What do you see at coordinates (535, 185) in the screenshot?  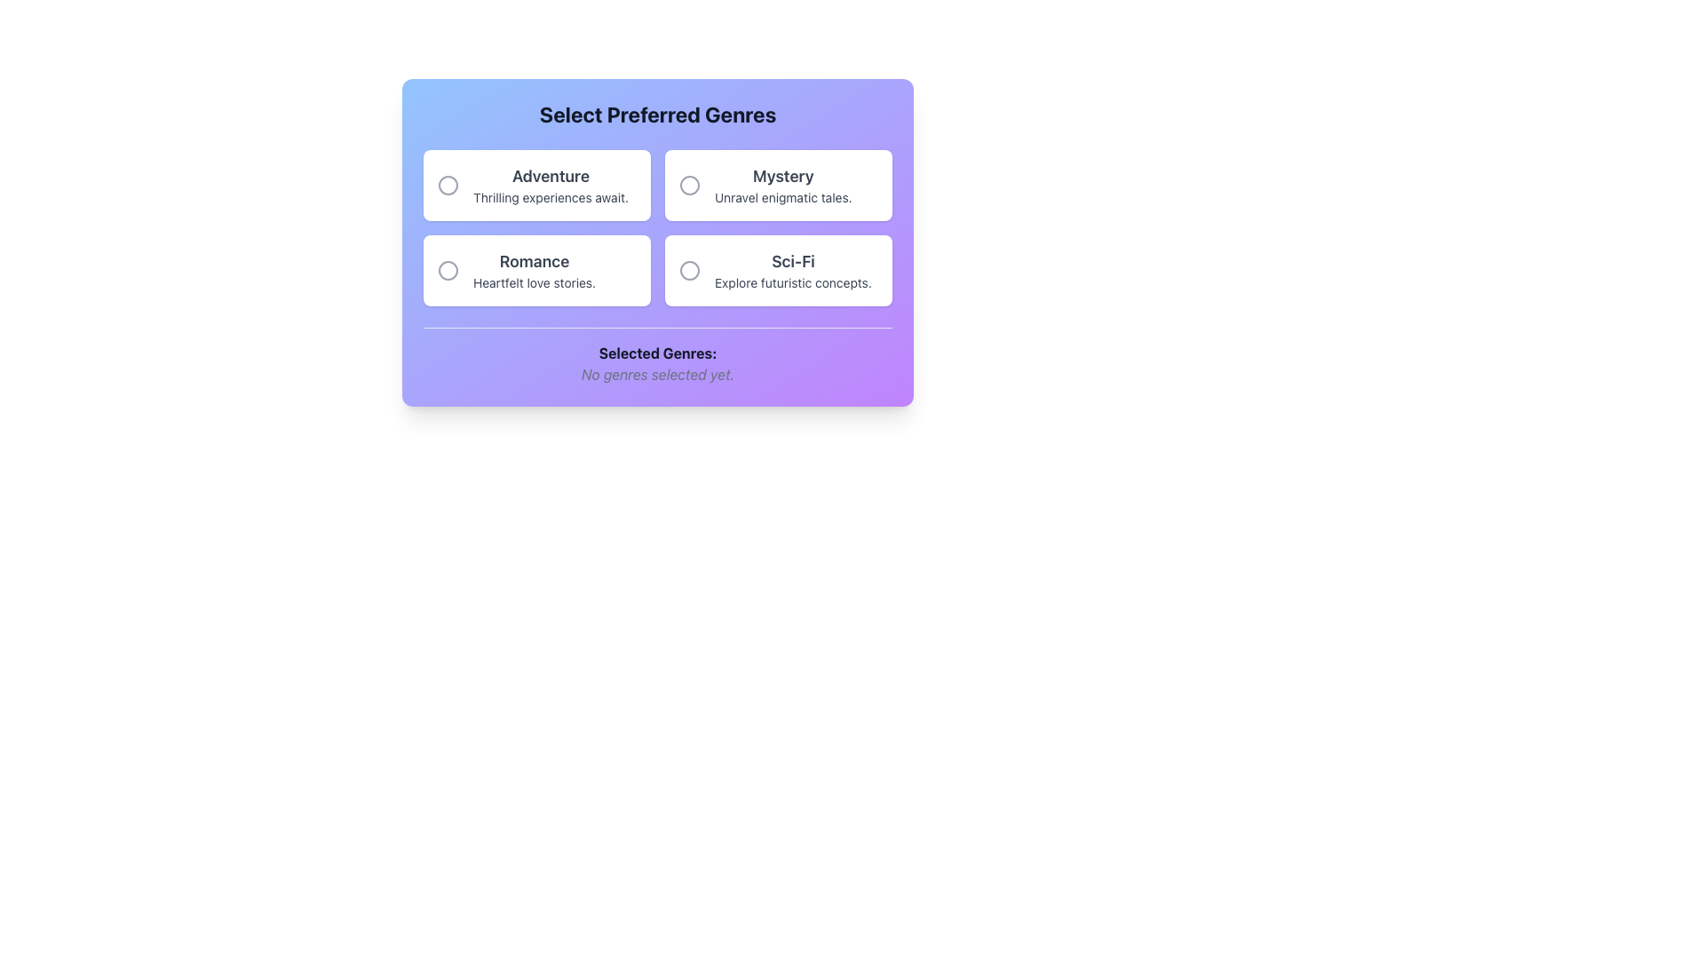 I see `the 'Adventure' selectable card, which features a circular icon on the left and displays the title 'Adventure' in bold with a description 'Thrilling experiences await.'` at bounding box center [535, 185].